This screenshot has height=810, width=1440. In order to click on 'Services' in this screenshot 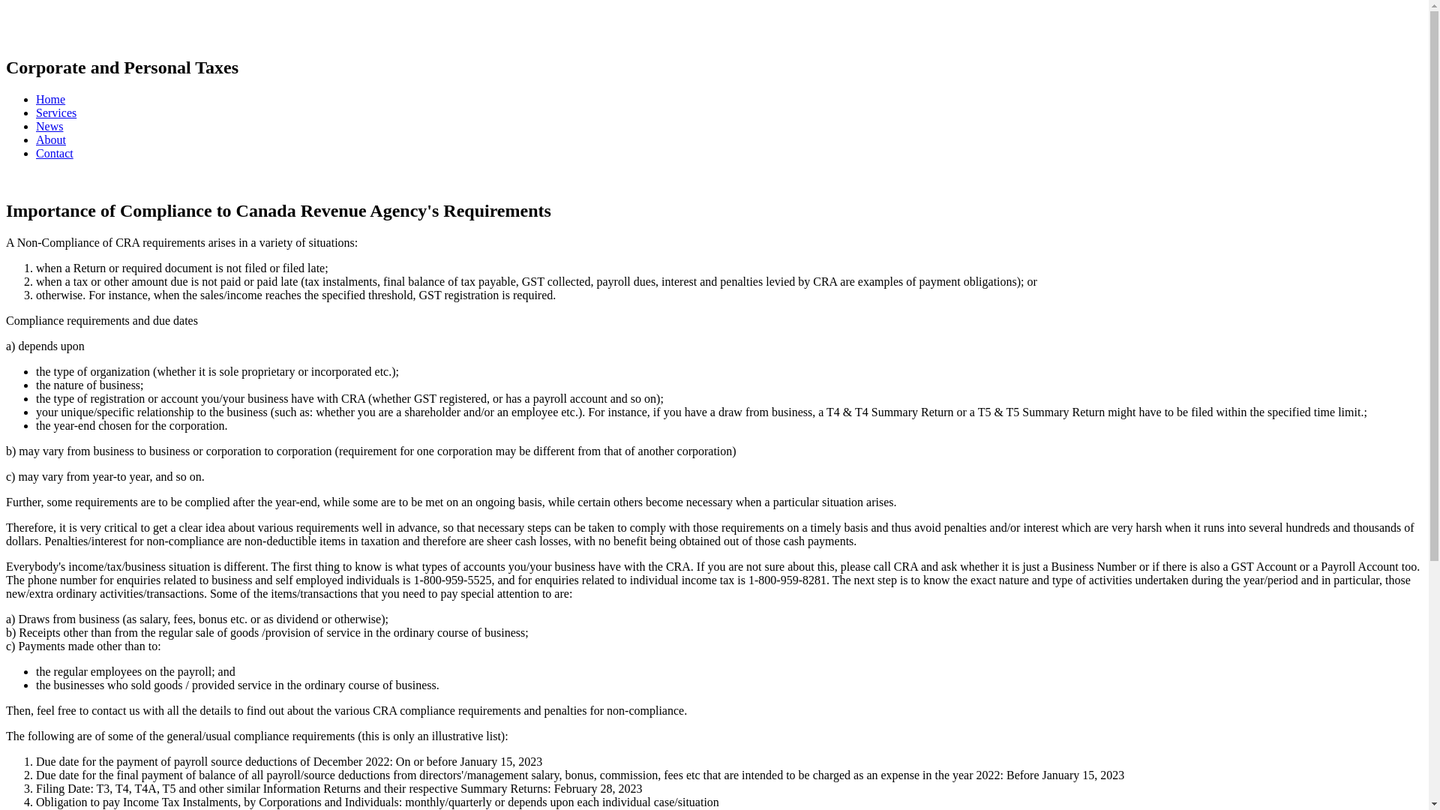, I will do `click(56, 112)`.